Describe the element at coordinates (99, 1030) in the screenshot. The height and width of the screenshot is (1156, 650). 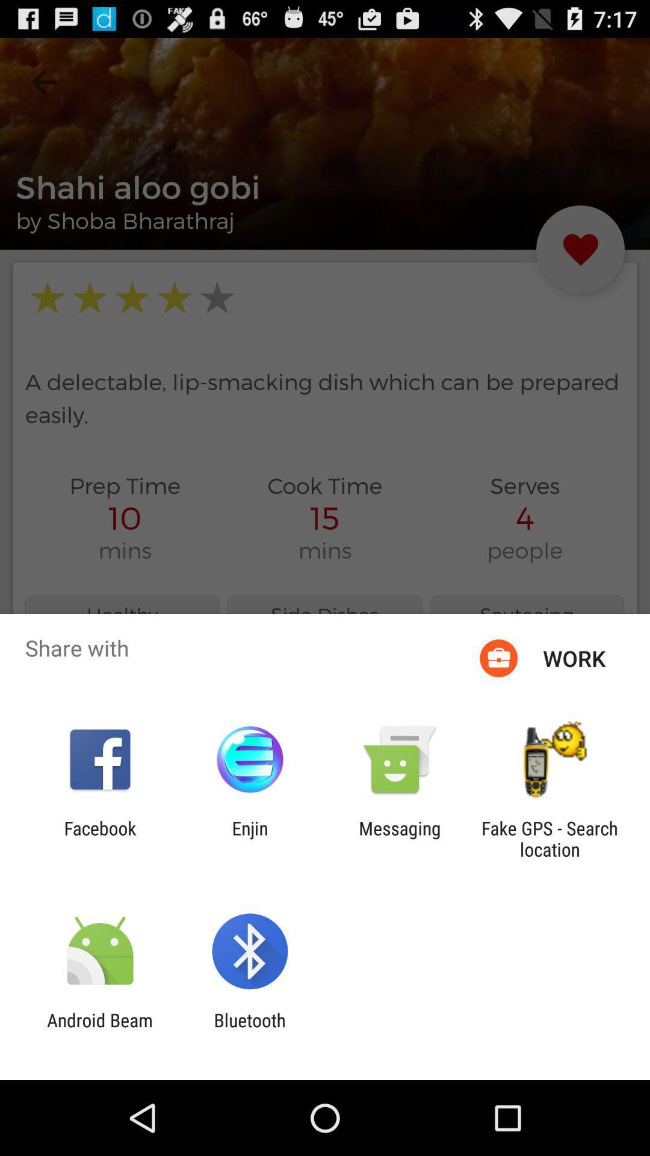
I see `item to the left of the bluetooth item` at that location.